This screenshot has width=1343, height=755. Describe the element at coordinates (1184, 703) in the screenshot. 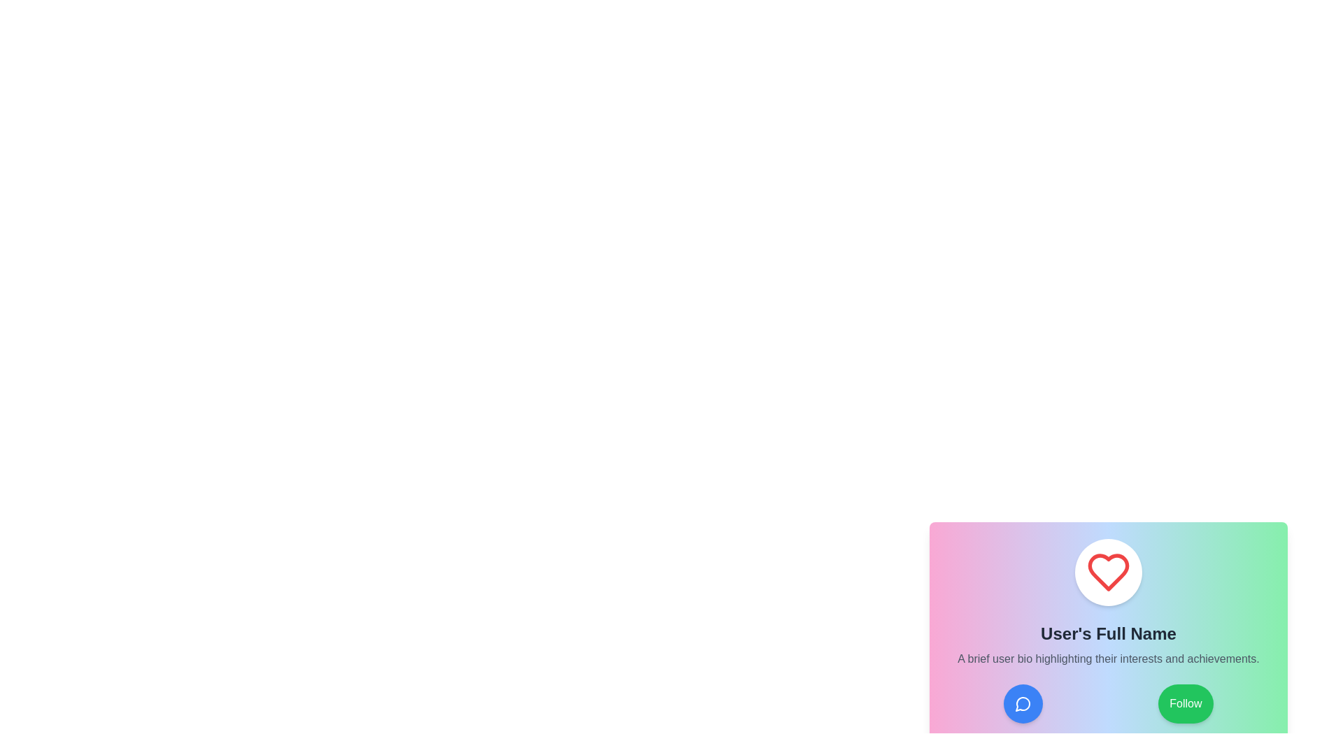

I see `the follow button located at the bottom-right corner of the gradient-colored card, adjacent to the blue circular button` at that location.